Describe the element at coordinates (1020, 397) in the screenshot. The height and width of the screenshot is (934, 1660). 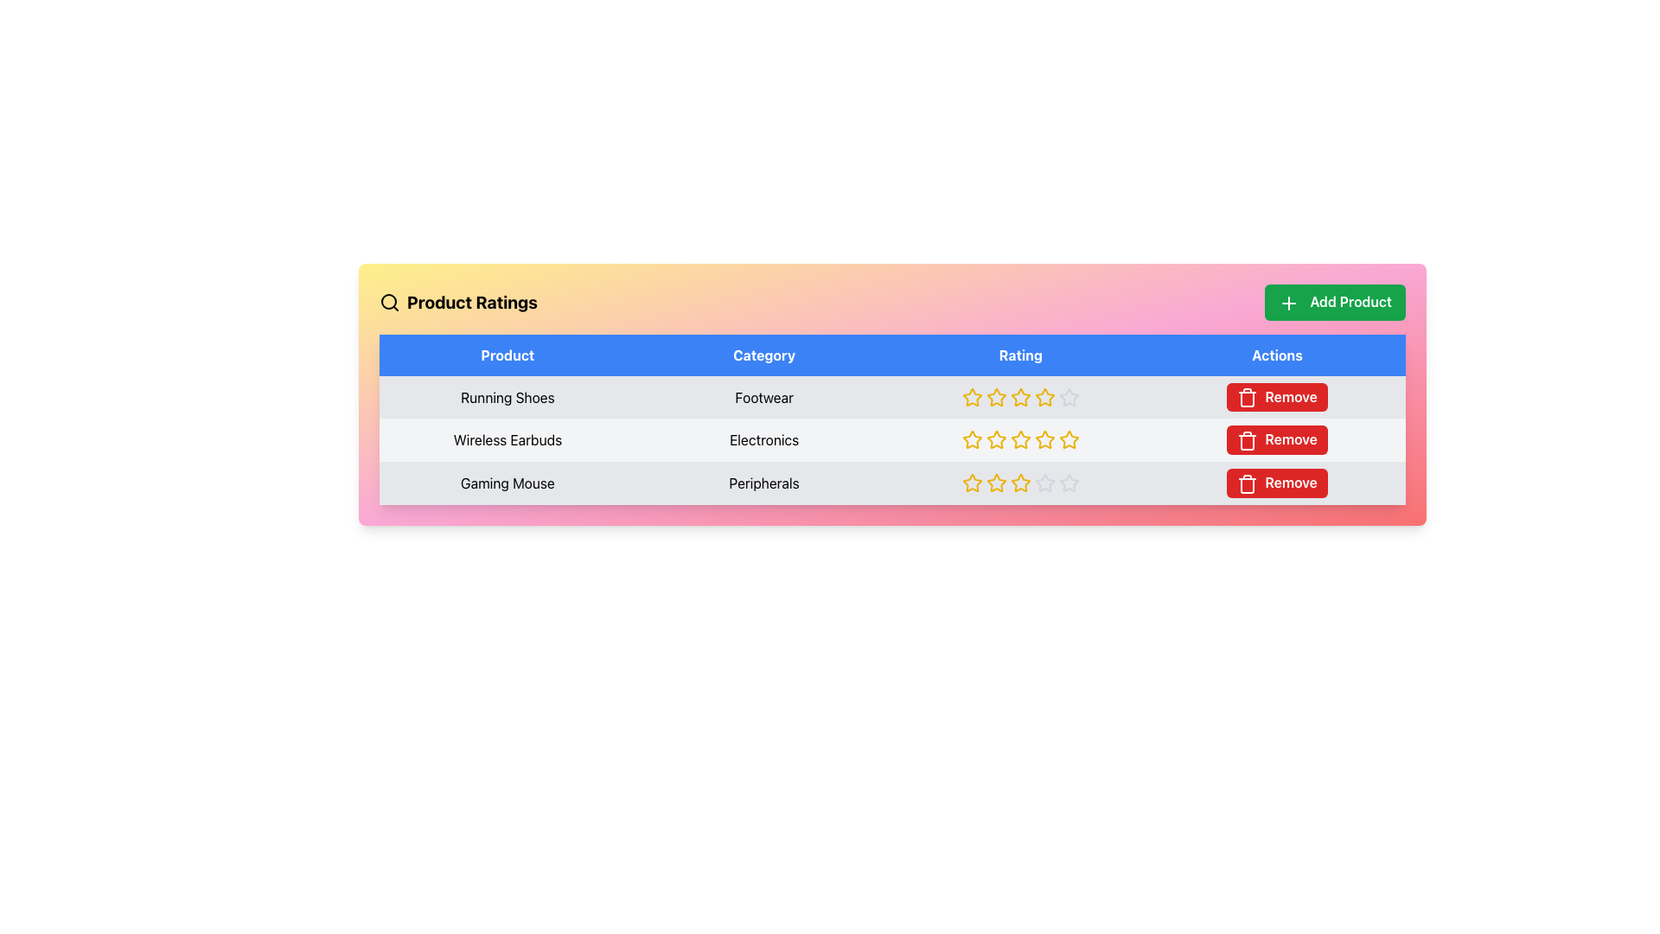
I see `the Rating Indicator for 'Running Shoes', which consists of five star icons with four filled in yellow and one unfilled in gray, located in the third column of the first row under the 'Rating' header` at that location.